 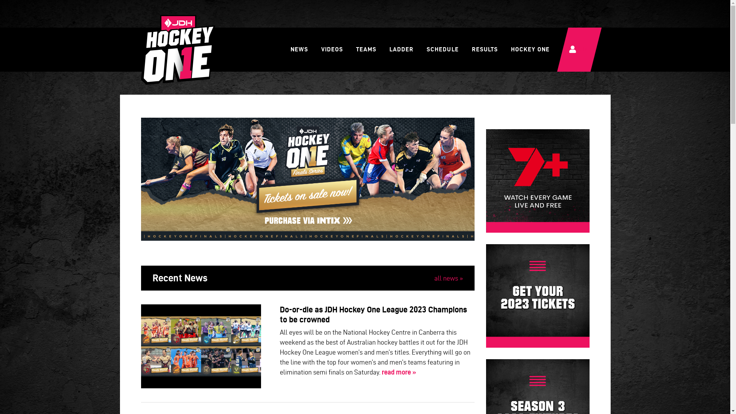 I want to click on 'VIDEOS', so click(x=332, y=49).